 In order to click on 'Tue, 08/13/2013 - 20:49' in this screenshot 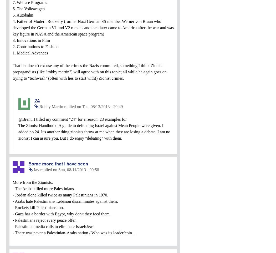, I will do `click(102, 106)`.